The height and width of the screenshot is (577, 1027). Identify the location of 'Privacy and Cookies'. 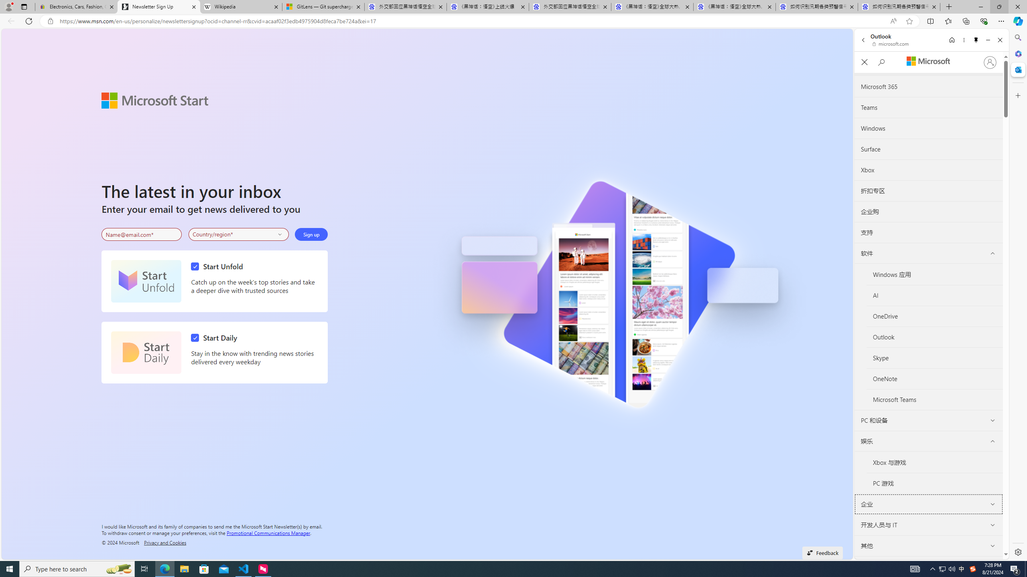
(165, 542).